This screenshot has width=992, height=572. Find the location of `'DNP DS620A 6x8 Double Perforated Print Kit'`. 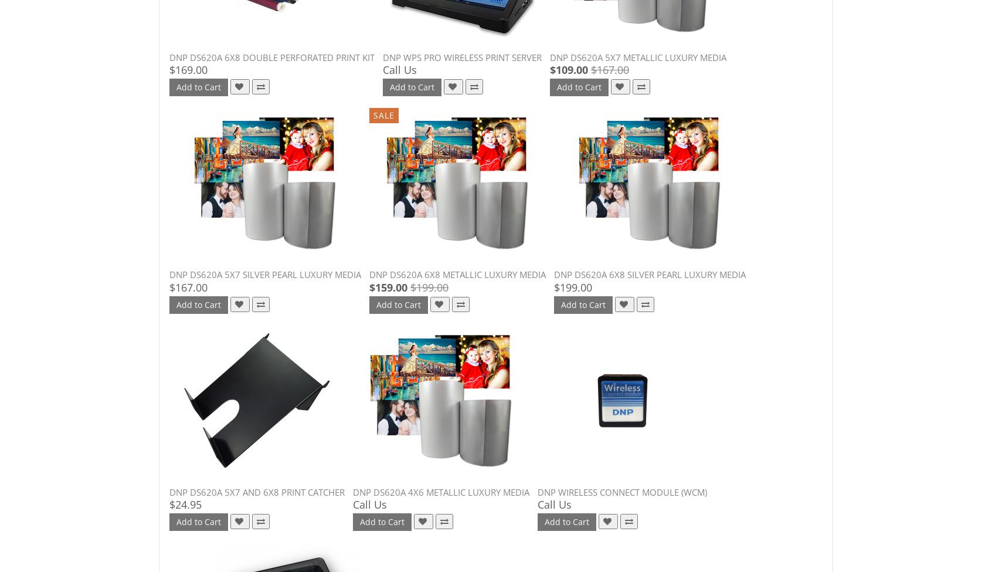

'DNP DS620A 6x8 Double Perforated Print Kit' is located at coordinates (271, 57).